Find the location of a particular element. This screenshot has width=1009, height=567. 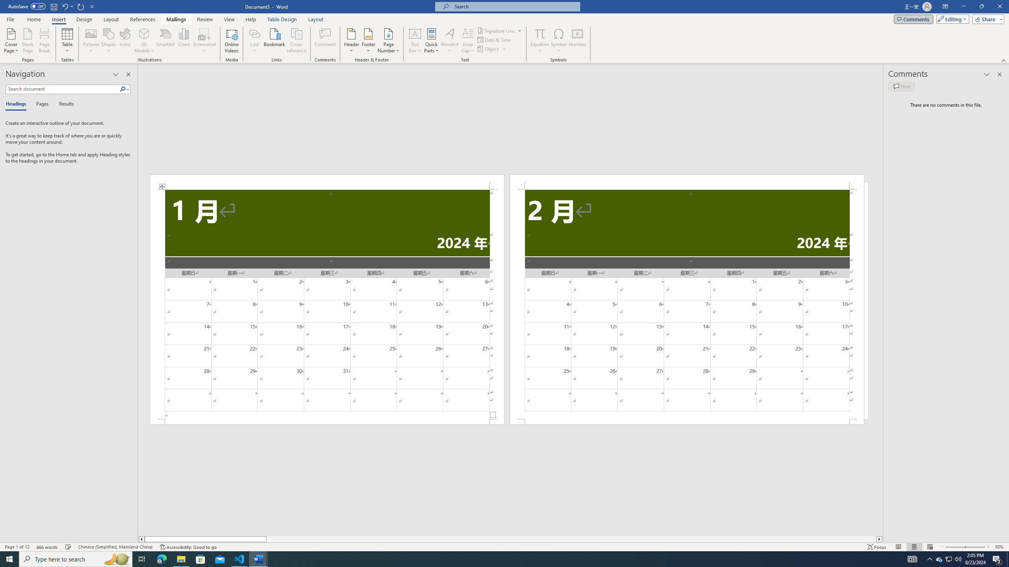

'Pictures' is located at coordinates (91, 41).